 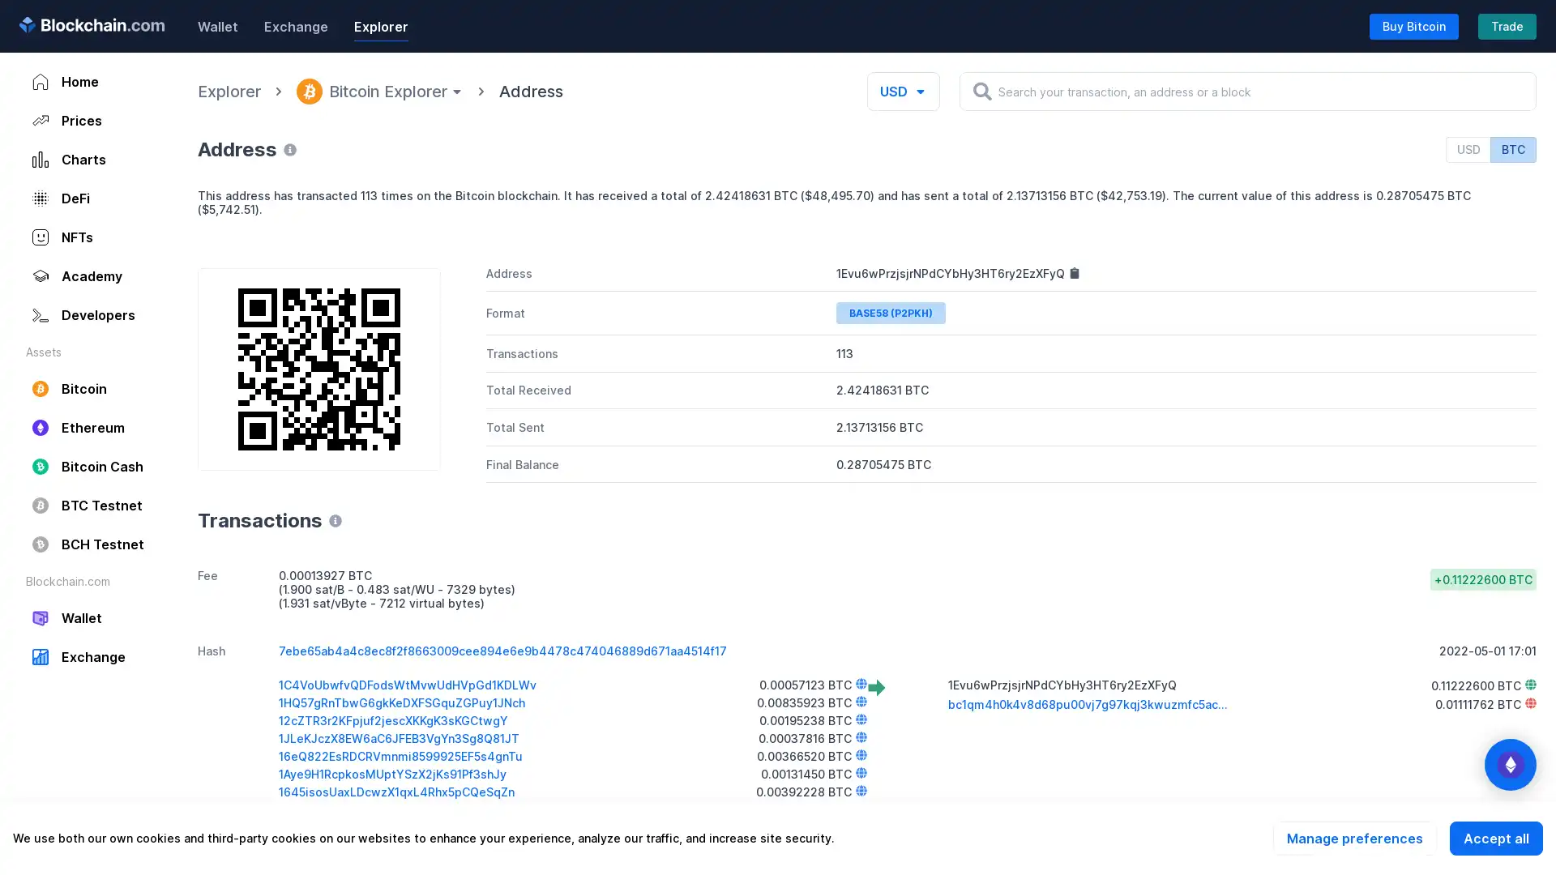 I want to click on alternating coins, so click(x=1509, y=765).